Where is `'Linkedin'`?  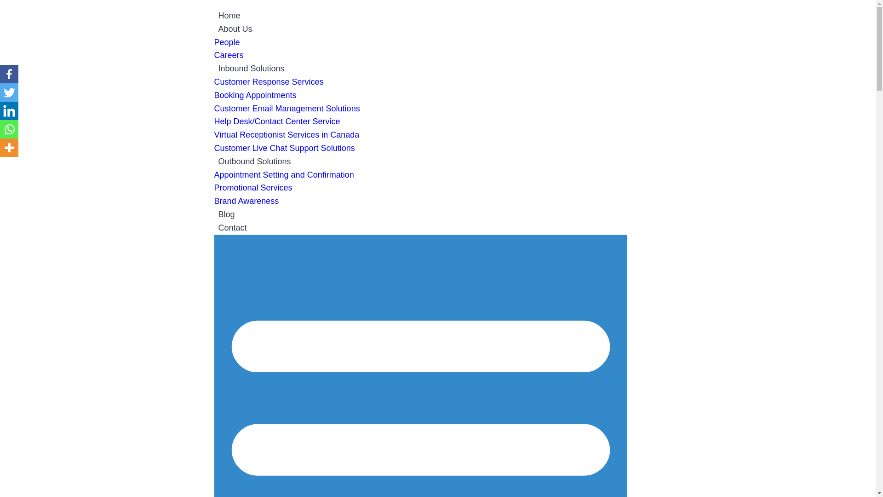
'Linkedin' is located at coordinates (9, 110).